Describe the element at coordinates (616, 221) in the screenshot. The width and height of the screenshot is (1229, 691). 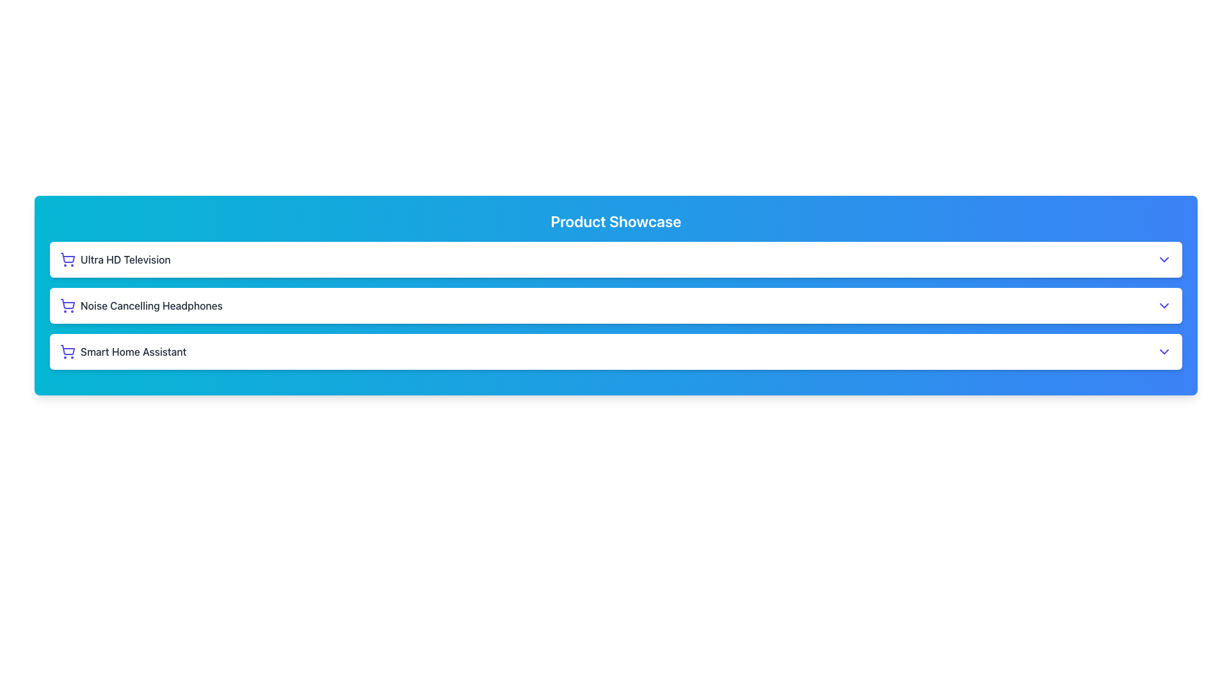
I see `the title-style text label reading 'Product Showcase' displayed prominently at the top of the gradient blue background section` at that location.